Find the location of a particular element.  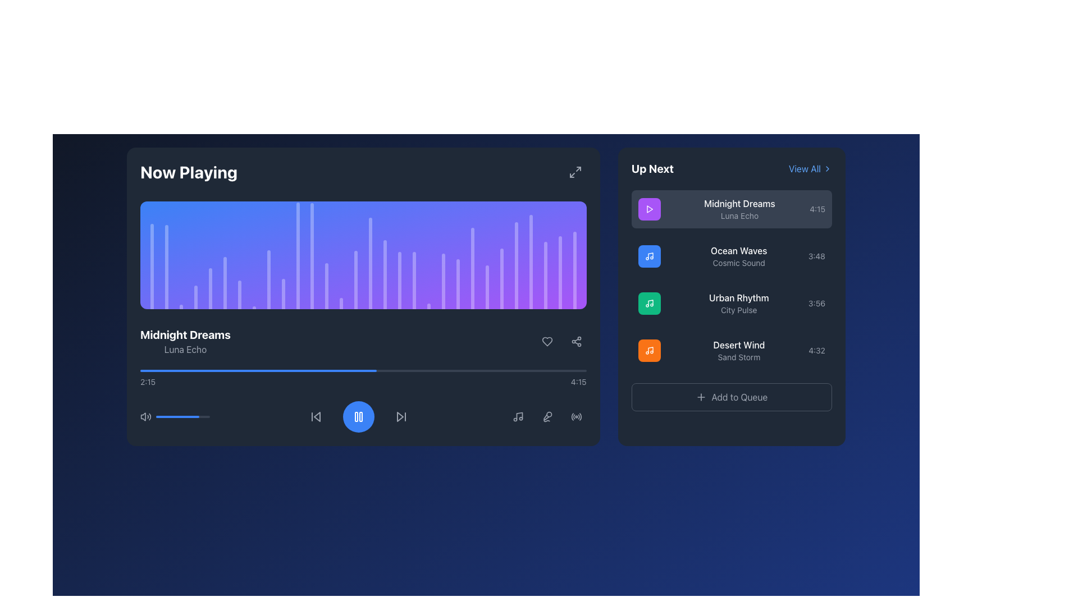

the 21st vertical bar in the waveform display, which reflects audio visualization data under the title 'Now Playing' is located at coordinates (458, 283).